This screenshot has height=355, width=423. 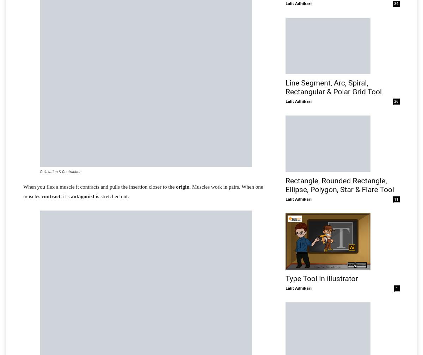 What do you see at coordinates (111, 196) in the screenshot?
I see `'is stretched out.'` at bounding box center [111, 196].